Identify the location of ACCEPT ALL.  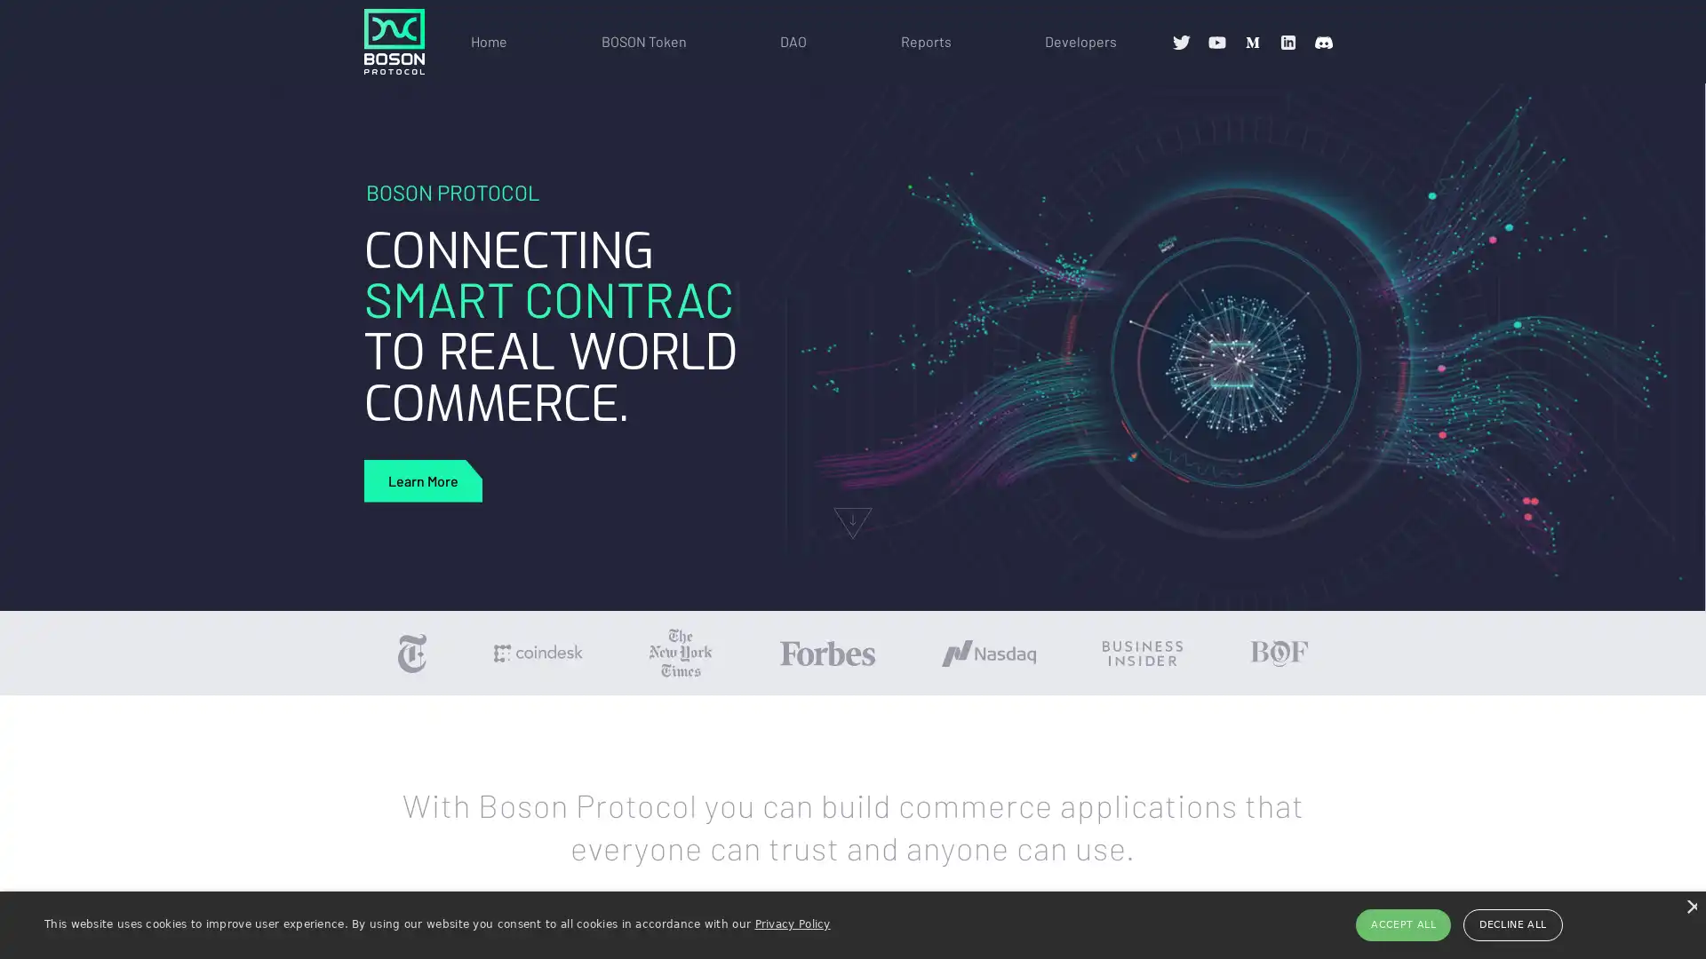
(1402, 923).